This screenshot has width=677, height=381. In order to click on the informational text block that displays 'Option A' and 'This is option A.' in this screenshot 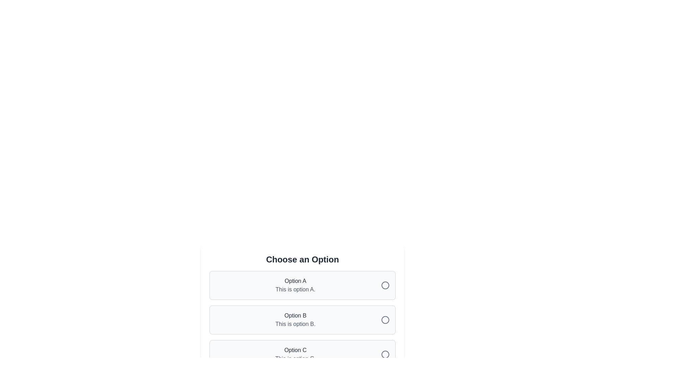, I will do `click(295, 285)`.